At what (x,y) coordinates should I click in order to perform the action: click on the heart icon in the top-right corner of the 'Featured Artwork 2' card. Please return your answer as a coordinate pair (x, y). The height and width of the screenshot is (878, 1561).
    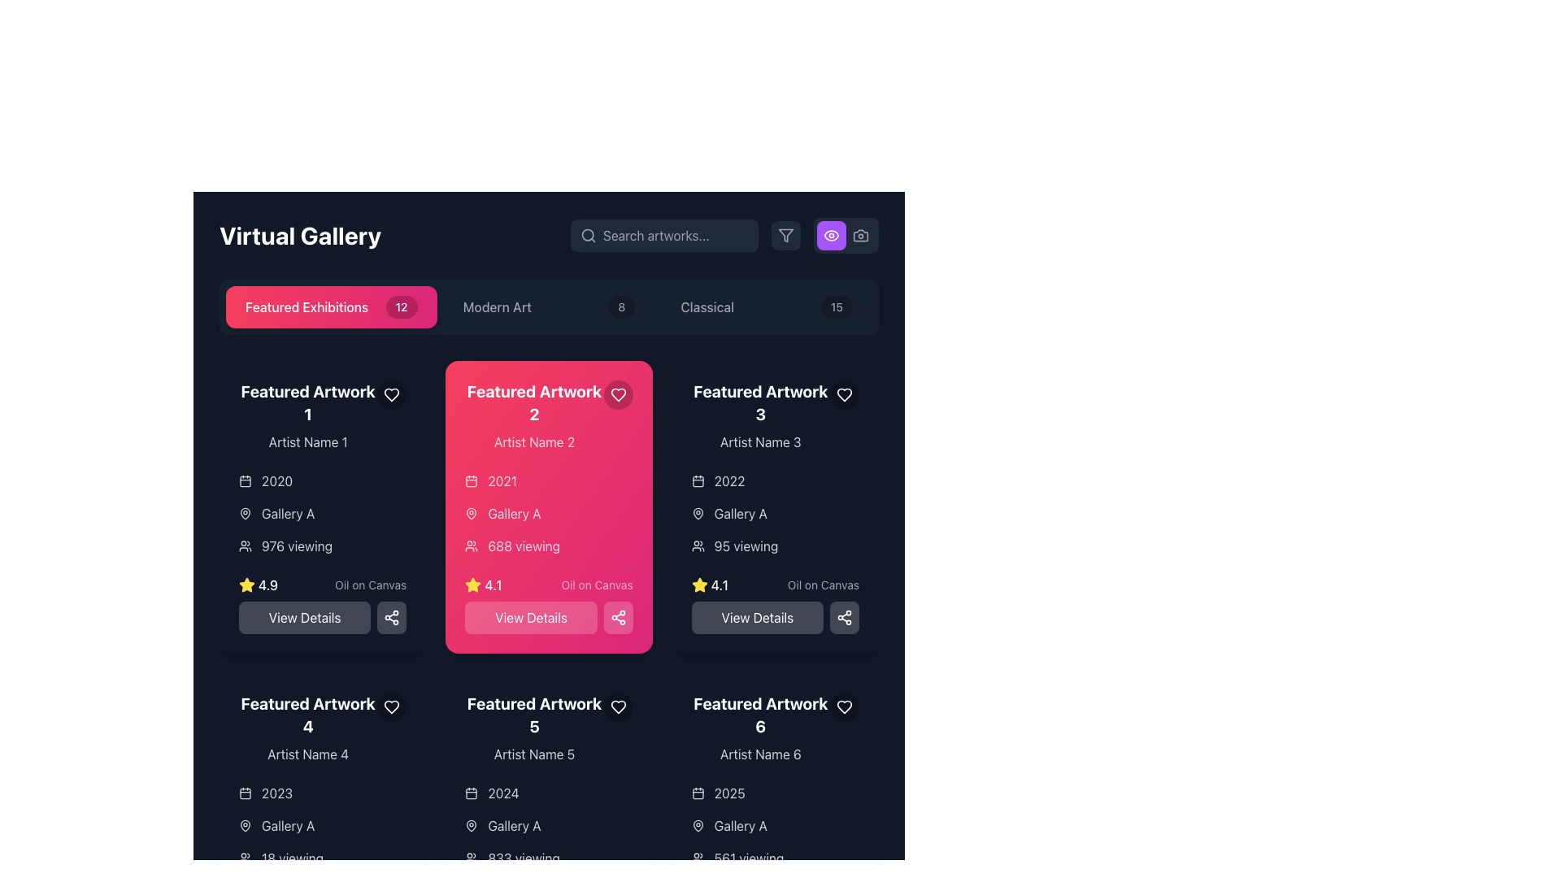
    Looking at the image, I should click on (617, 395).